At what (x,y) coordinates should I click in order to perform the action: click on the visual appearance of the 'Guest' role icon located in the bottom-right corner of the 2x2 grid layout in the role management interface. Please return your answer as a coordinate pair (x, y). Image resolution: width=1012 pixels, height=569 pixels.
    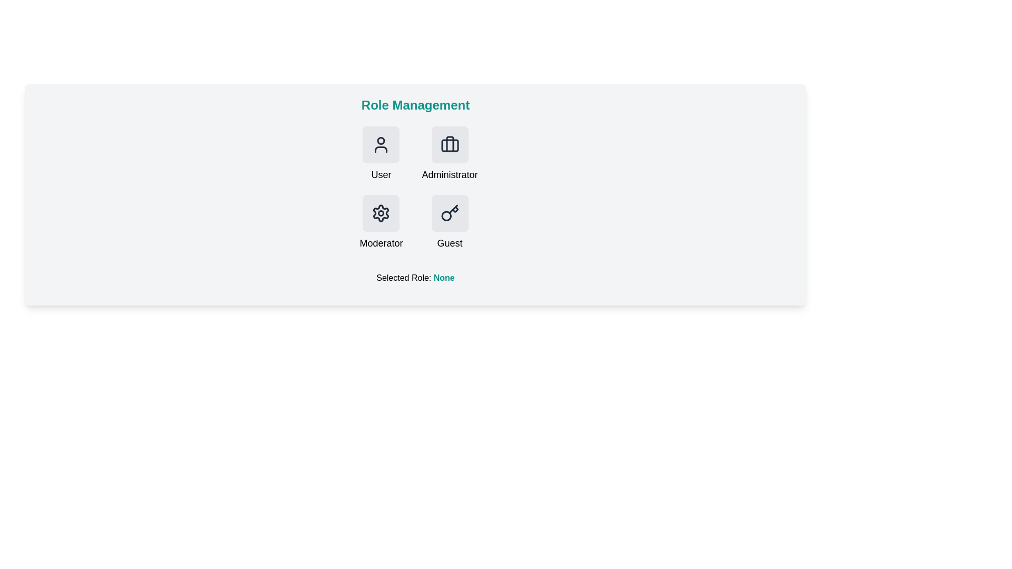
    Looking at the image, I should click on (450, 213).